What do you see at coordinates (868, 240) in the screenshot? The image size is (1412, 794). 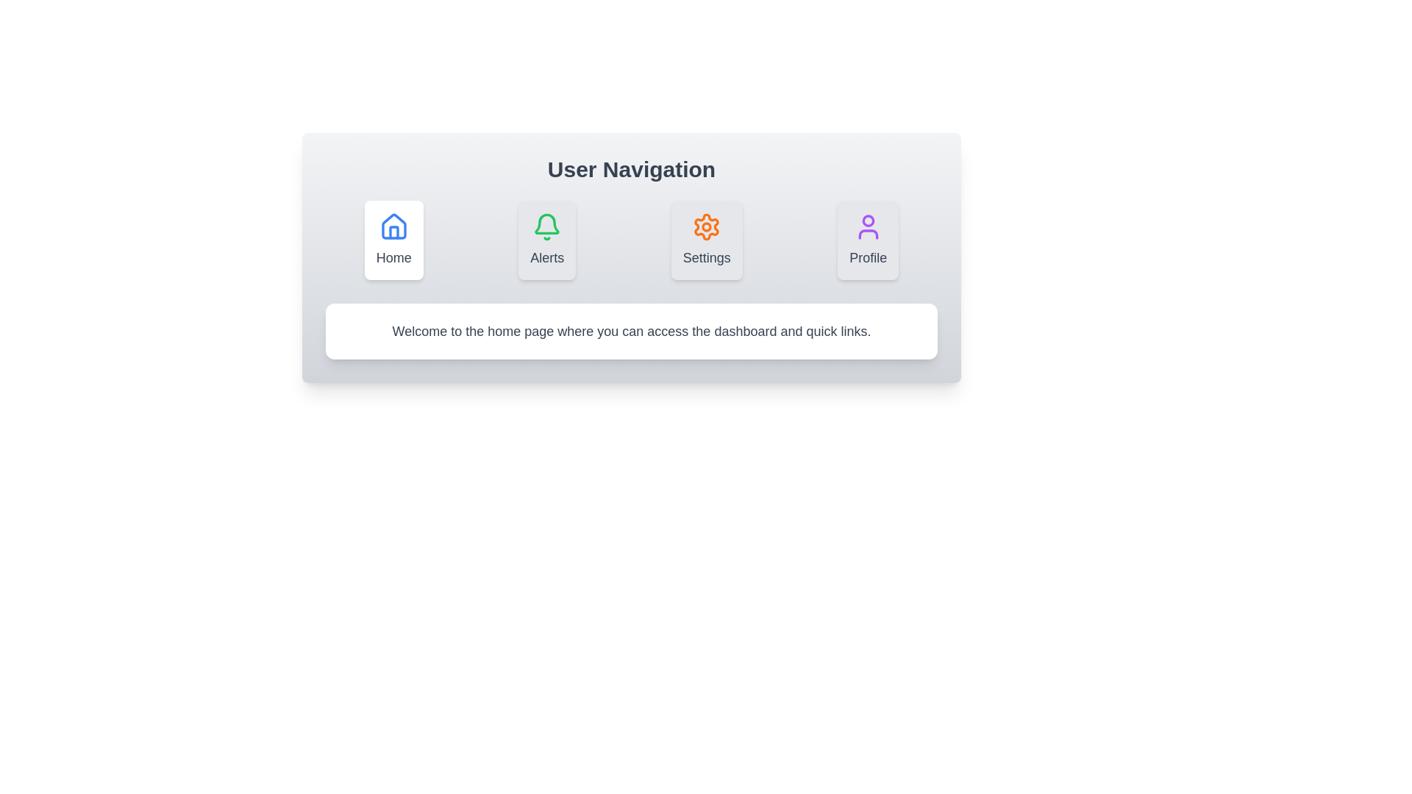 I see `the tab labeled Profile` at bounding box center [868, 240].